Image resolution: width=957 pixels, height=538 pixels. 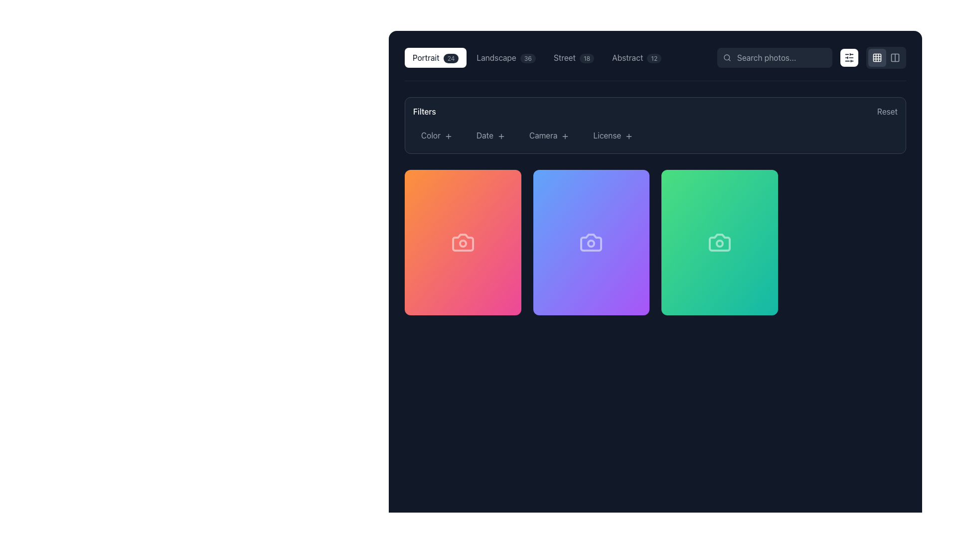 What do you see at coordinates (462, 243) in the screenshot?
I see `the circular lens of the camera icon located in the first card from the left in a horizontal row of three cards` at bounding box center [462, 243].